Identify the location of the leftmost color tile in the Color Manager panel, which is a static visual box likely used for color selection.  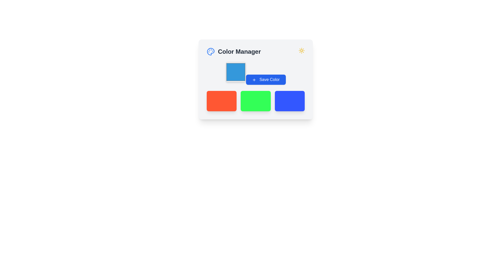
(222, 101).